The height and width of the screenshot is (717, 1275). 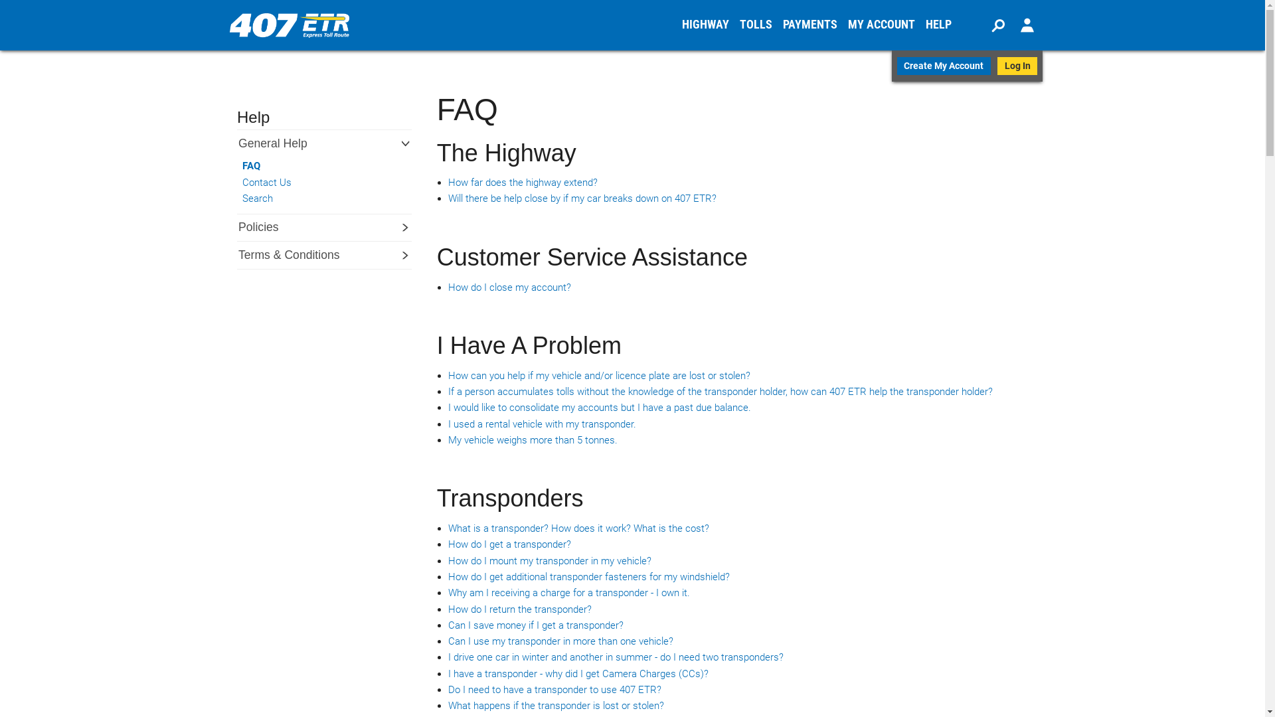 What do you see at coordinates (554, 688) in the screenshot?
I see `'Do I need to have a transponder to use 407 ETR?'` at bounding box center [554, 688].